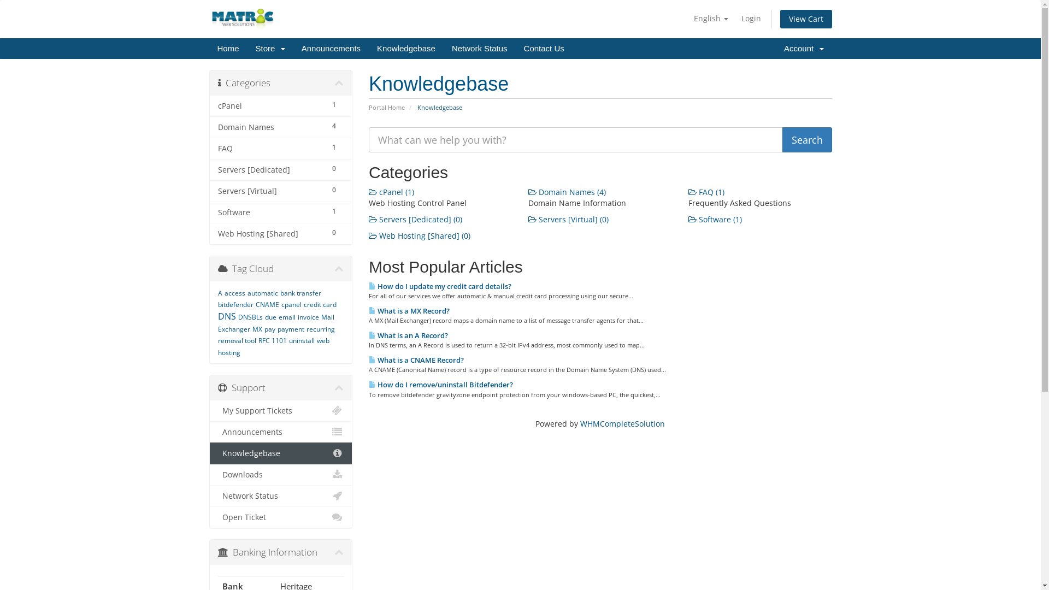  Describe the element at coordinates (281, 453) in the screenshot. I see `'  Knowledgebase'` at that location.